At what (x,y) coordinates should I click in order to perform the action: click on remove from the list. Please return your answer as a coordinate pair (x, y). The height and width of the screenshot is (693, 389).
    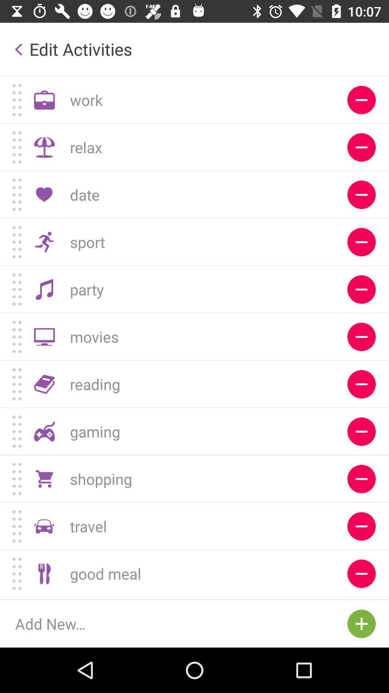
    Looking at the image, I should click on (361, 195).